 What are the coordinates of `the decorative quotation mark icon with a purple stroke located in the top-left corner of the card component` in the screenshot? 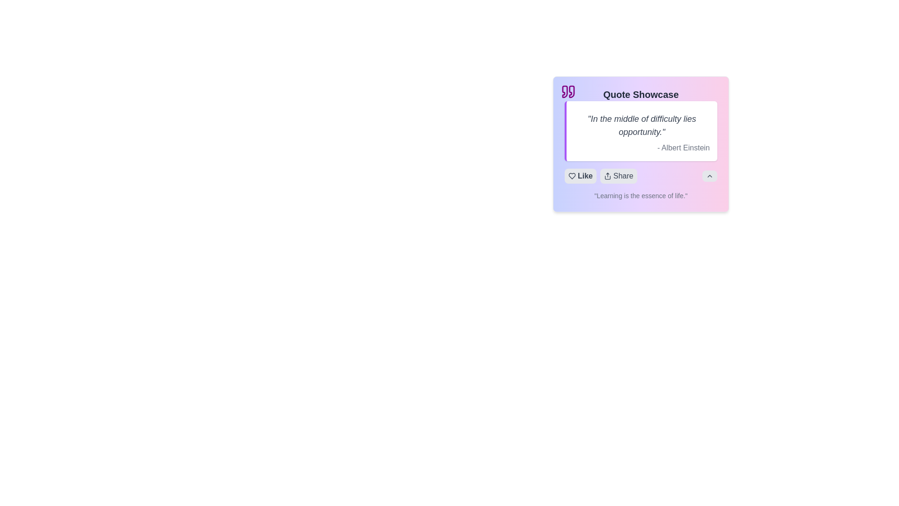 It's located at (568, 92).